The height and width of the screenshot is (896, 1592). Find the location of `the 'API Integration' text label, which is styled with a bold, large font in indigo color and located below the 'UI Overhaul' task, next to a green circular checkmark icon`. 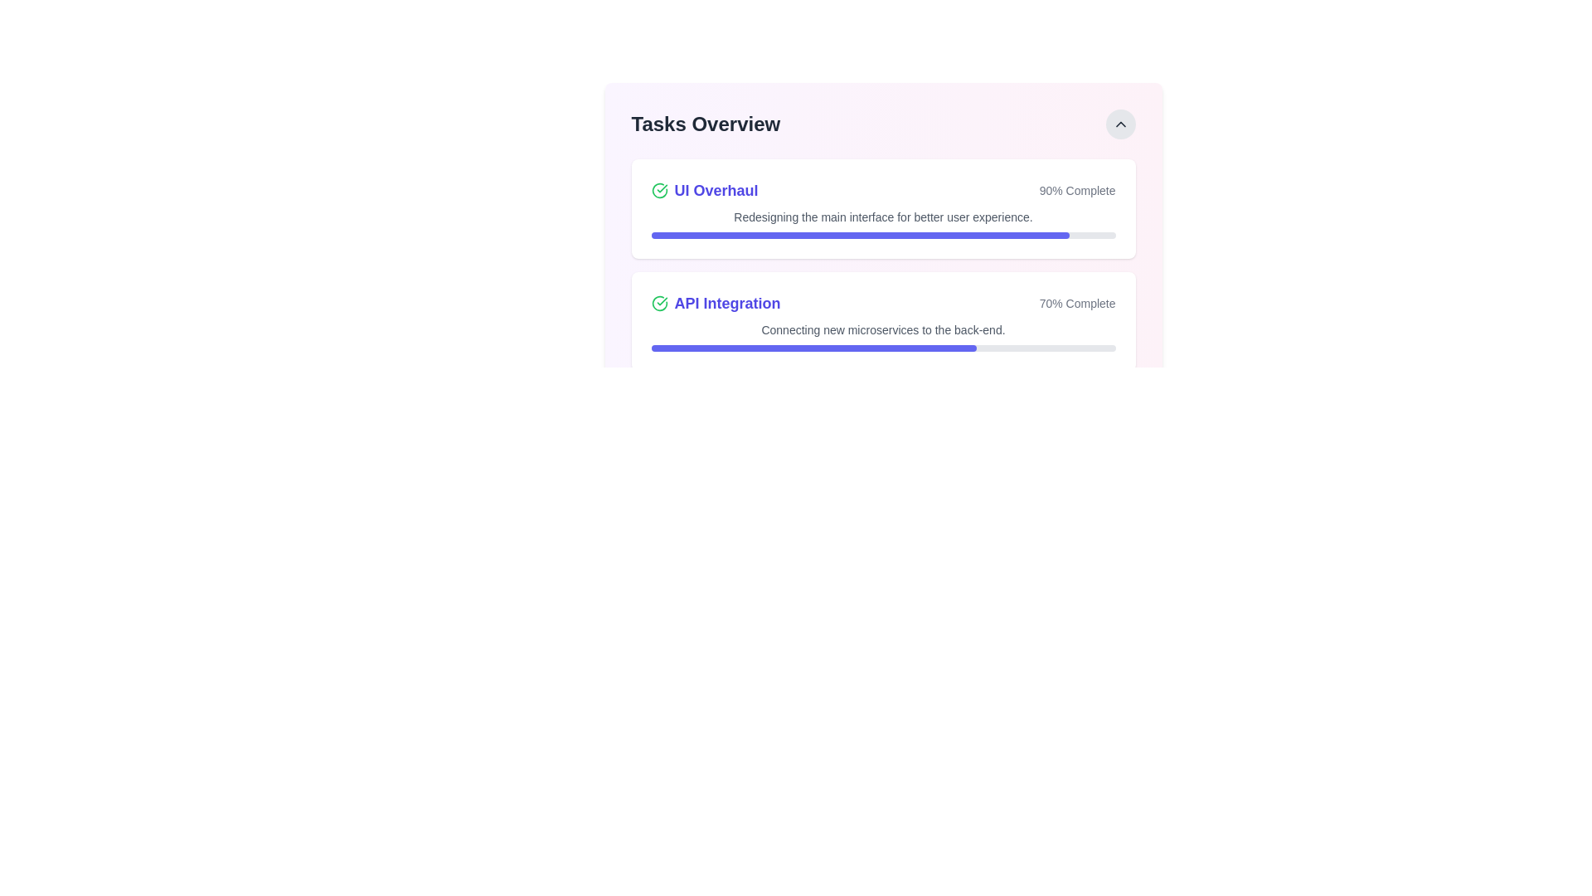

the 'API Integration' text label, which is styled with a bold, large font in indigo color and located below the 'UI Overhaul' task, next to a green circular checkmark icon is located at coordinates (716, 304).